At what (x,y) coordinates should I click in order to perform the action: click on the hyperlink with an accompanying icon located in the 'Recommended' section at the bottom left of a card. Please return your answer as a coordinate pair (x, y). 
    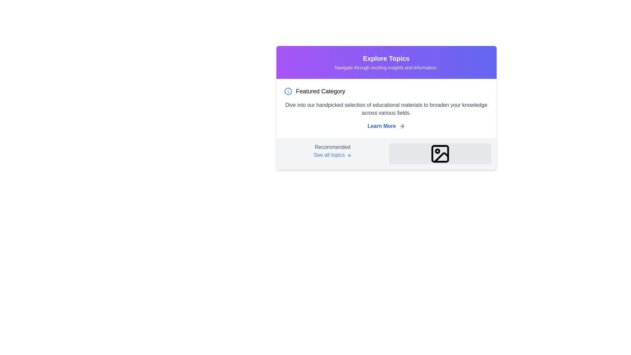
    Looking at the image, I should click on (333, 155).